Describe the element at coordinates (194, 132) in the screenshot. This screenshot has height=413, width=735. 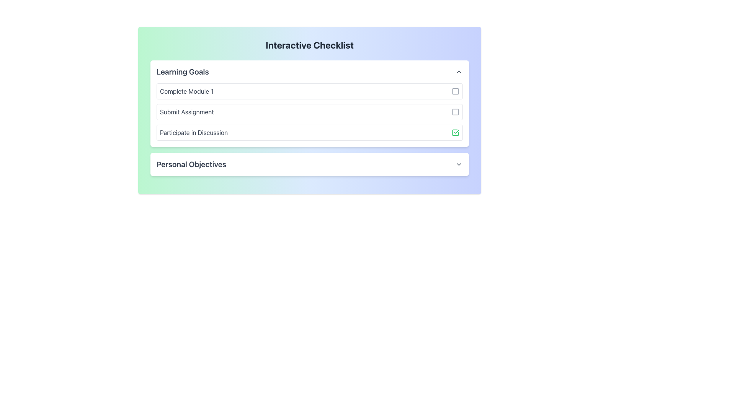
I see `the text label reading 'Participate in Discussion' located in the Interactive Checklist section under 'Learning Goals'. It is the third item listed and styled in grey` at that location.